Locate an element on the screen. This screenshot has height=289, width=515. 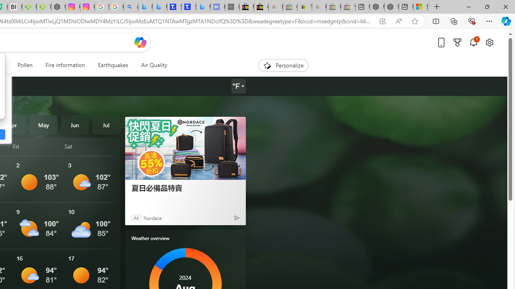
'alabama high school quarterback dies - Search' is located at coordinates (131, 7).